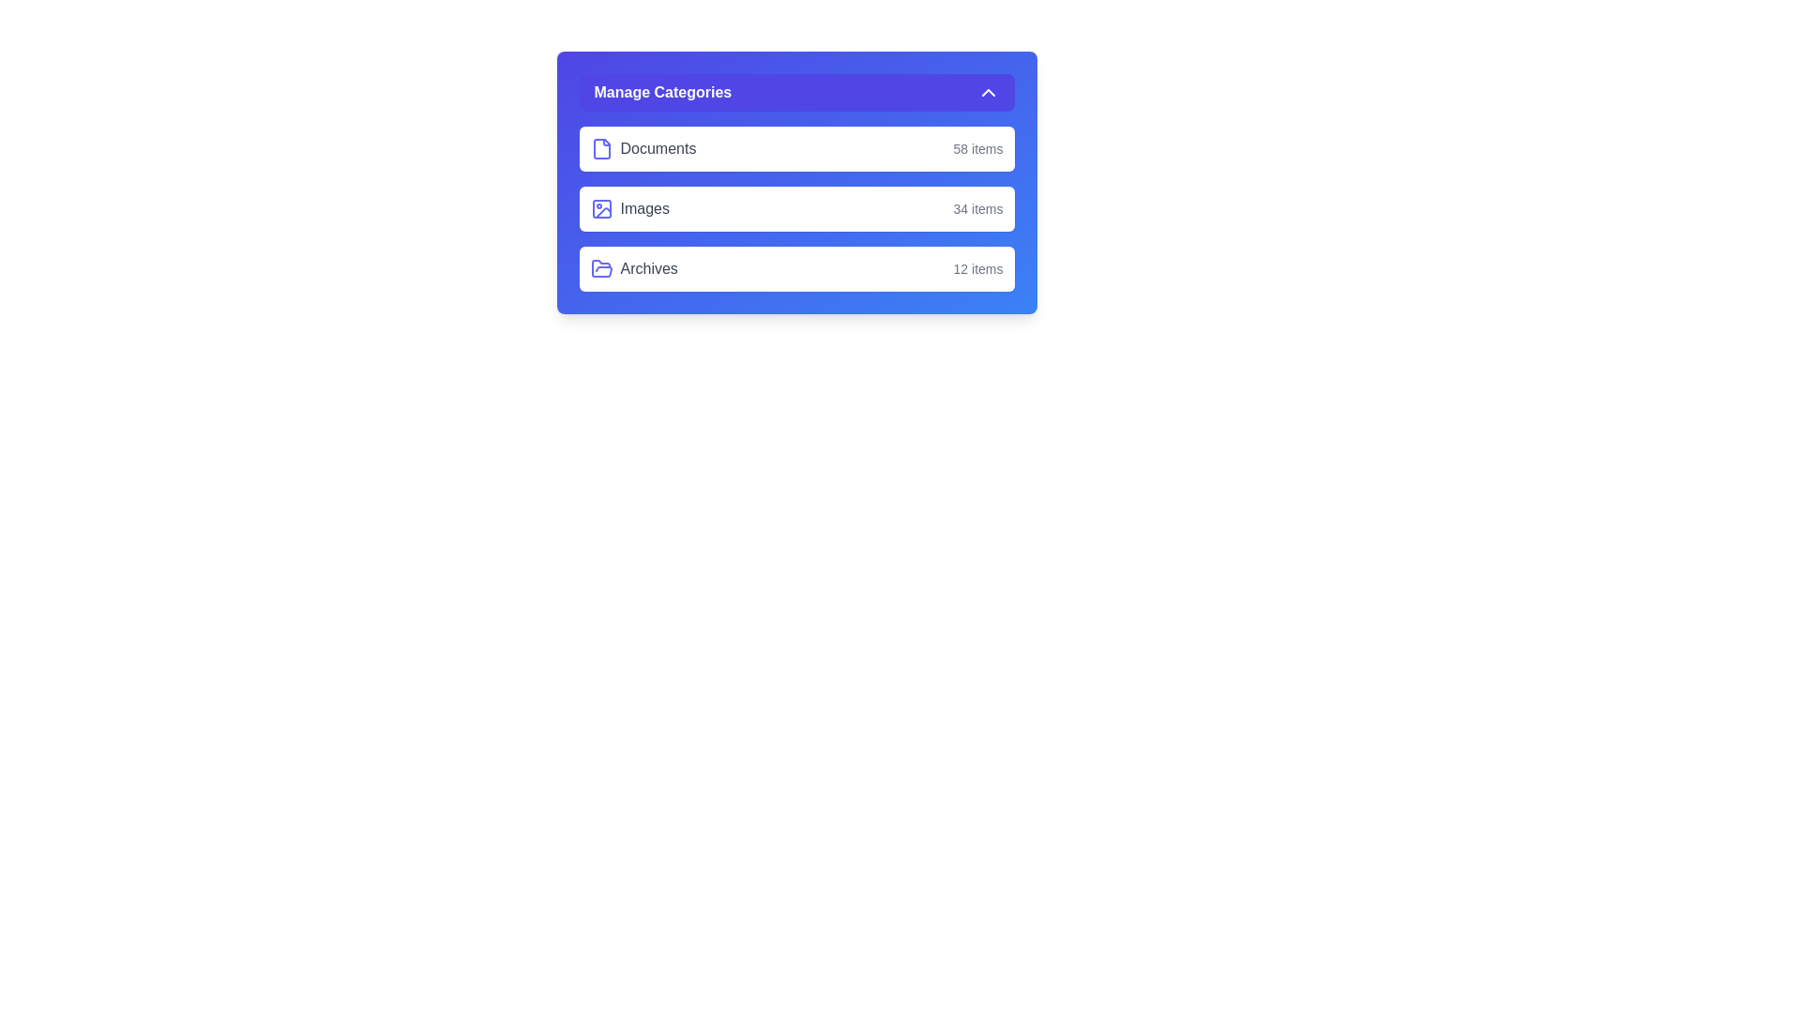 Image resolution: width=1801 pixels, height=1013 pixels. What do you see at coordinates (796, 147) in the screenshot?
I see `the category Documents by clicking on its corresponding button` at bounding box center [796, 147].